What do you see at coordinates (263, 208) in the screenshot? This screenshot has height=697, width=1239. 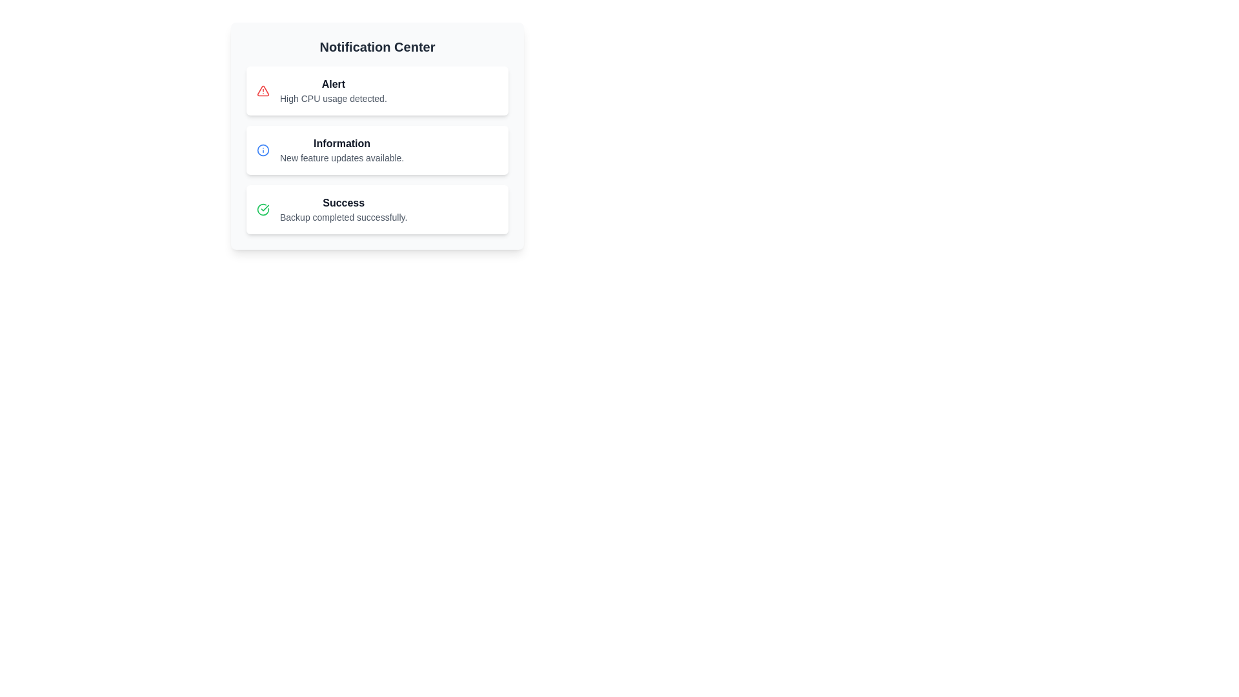 I see `the success status icon located to the left of the text 'Success Backup completed successfully.' within the Notification Center panel` at bounding box center [263, 208].